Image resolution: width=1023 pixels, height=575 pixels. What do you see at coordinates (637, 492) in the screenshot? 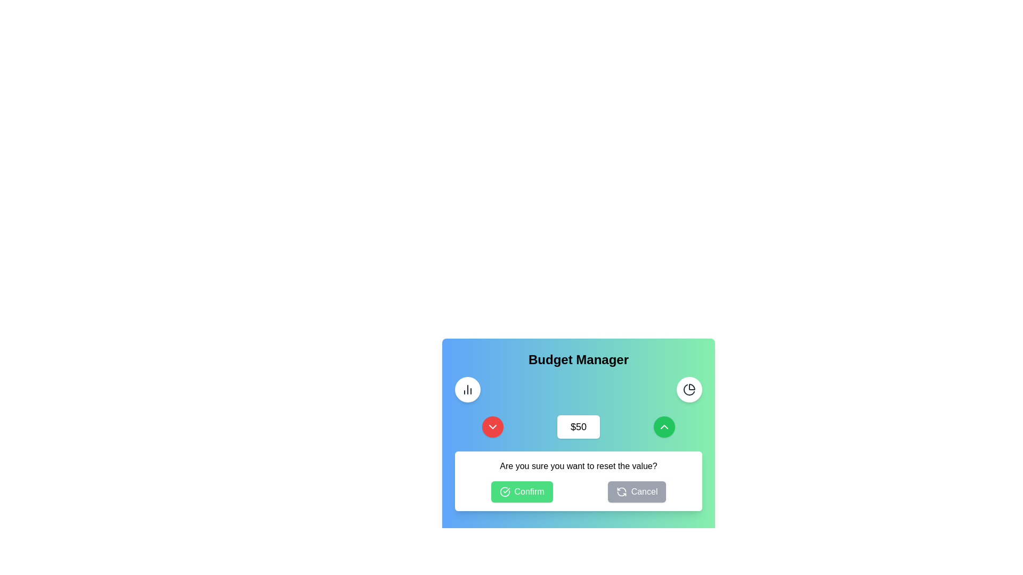
I see `the cancel button located at the bottom-right corner of the confirmation dialog to change its background color` at bounding box center [637, 492].